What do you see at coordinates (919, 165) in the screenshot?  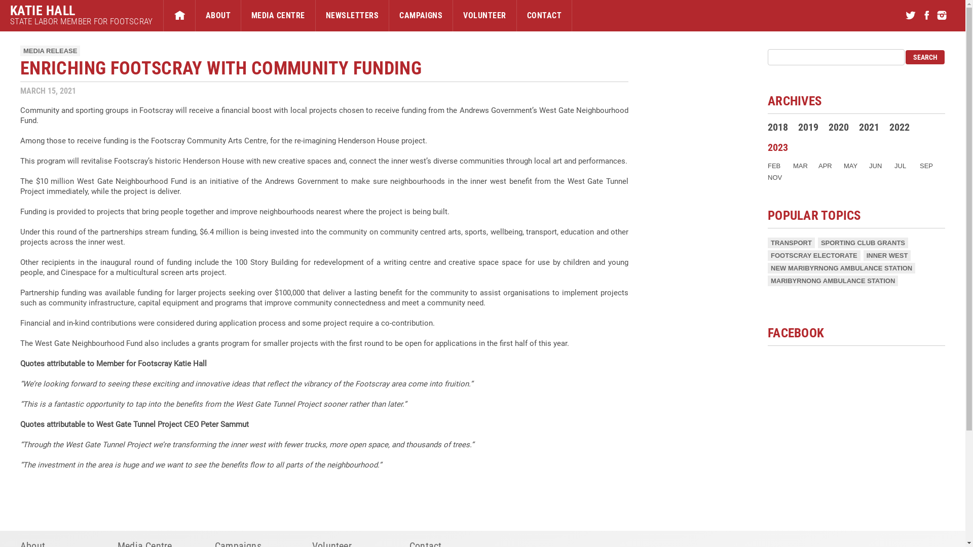 I see `'SEP'` at bounding box center [919, 165].